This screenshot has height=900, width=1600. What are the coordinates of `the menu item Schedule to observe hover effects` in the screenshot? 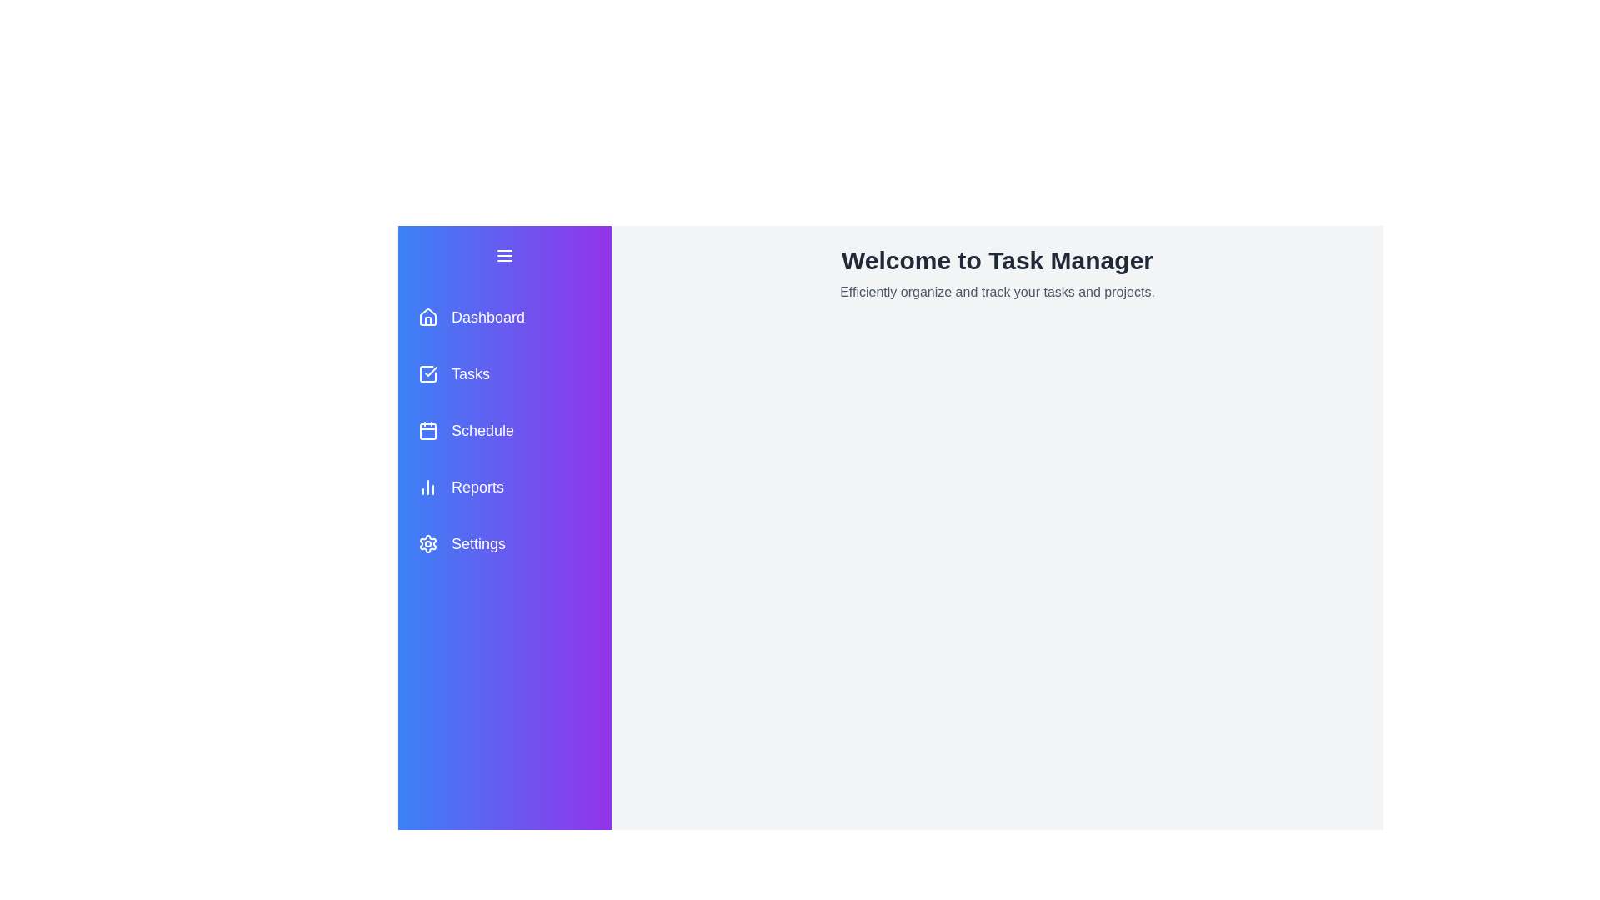 It's located at (503, 429).